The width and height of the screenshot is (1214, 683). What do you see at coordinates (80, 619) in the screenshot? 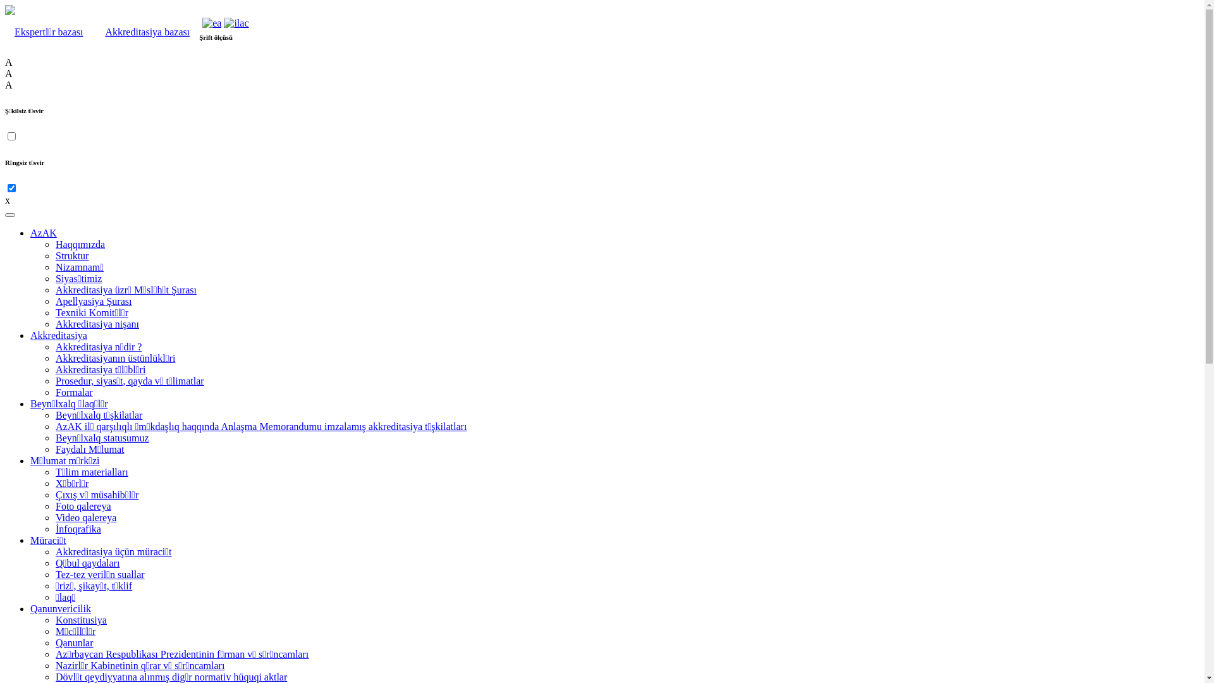
I see `'Konstitusiya'` at bounding box center [80, 619].